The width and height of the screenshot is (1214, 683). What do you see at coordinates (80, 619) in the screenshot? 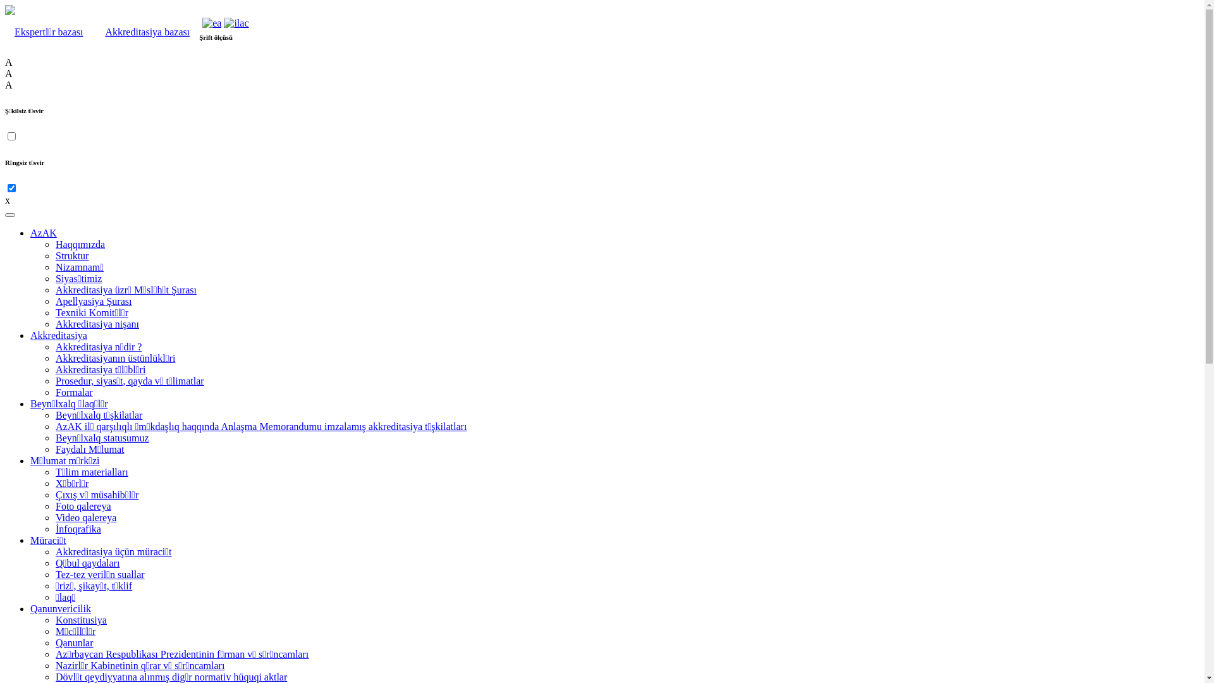
I see `'Konstitusiya'` at bounding box center [80, 619].